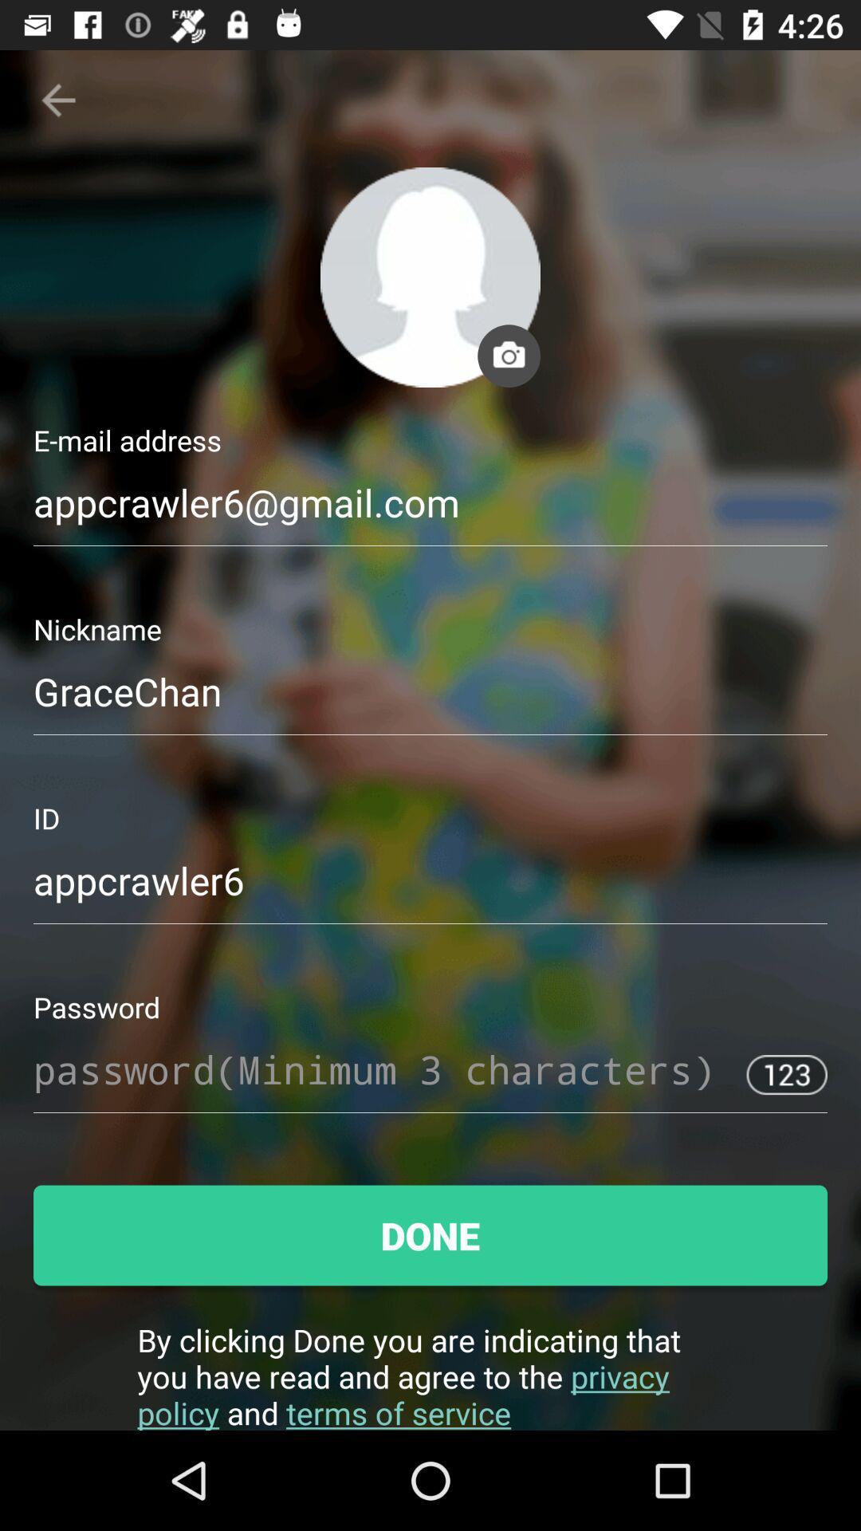  What do you see at coordinates (57, 99) in the screenshot?
I see `previous` at bounding box center [57, 99].